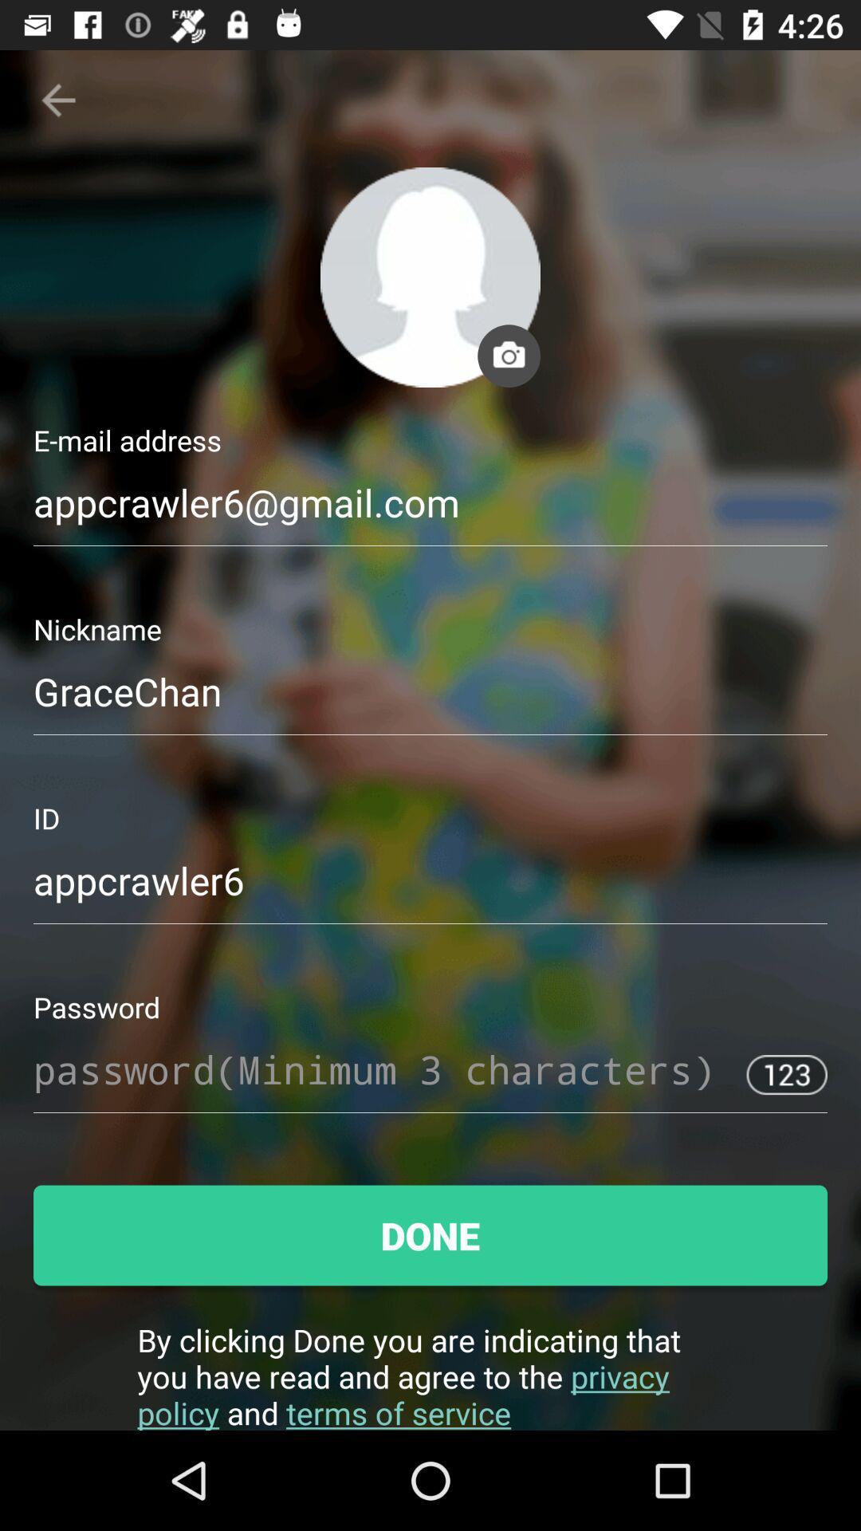  What do you see at coordinates (57, 99) in the screenshot?
I see `previous` at bounding box center [57, 99].